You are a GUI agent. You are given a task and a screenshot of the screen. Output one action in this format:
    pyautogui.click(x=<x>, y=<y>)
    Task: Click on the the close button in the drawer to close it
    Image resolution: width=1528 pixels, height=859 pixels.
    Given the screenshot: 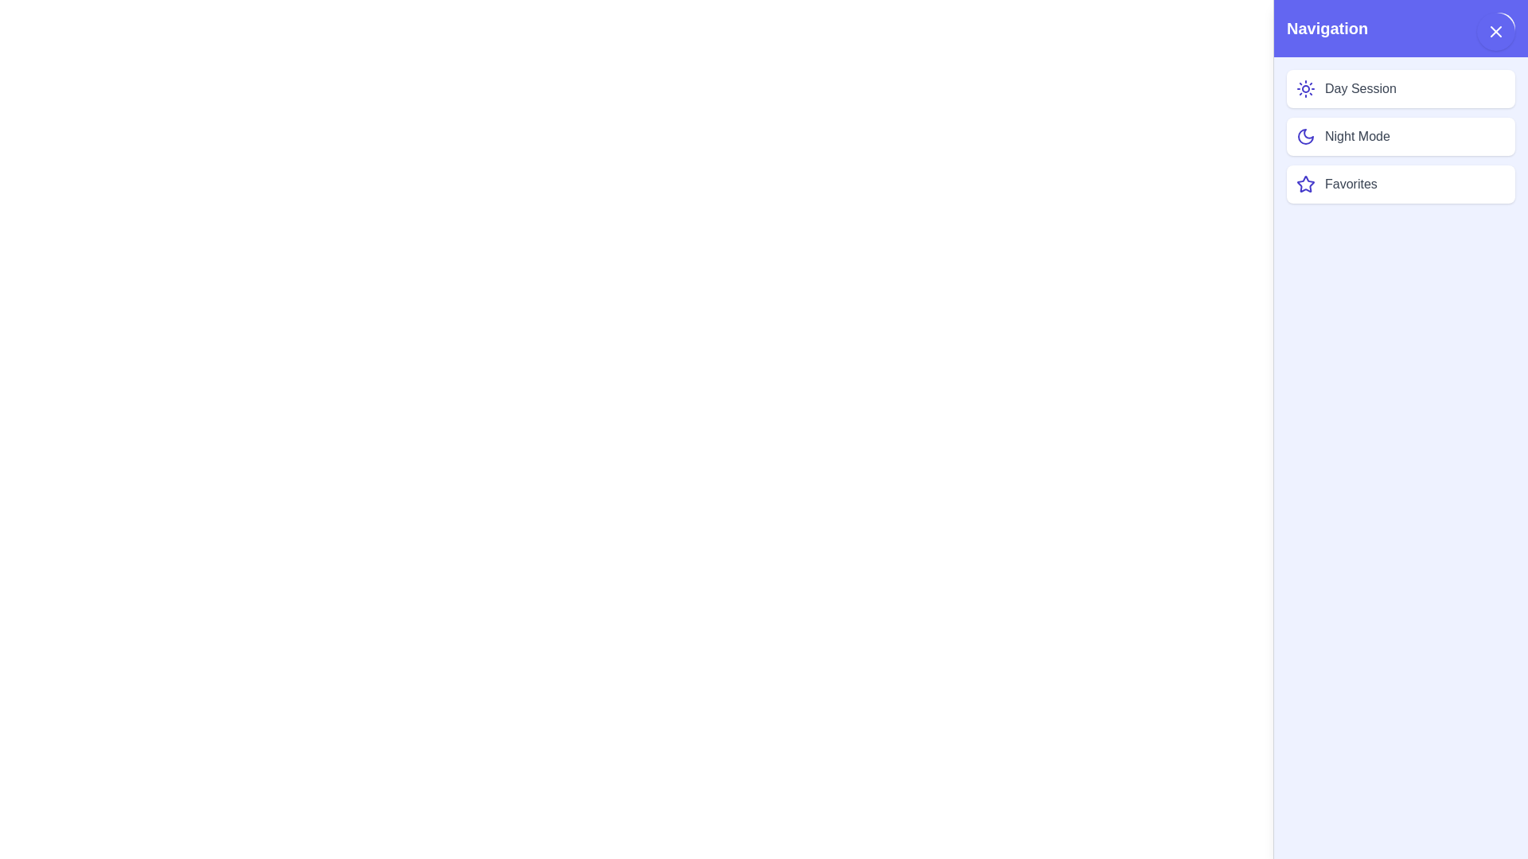 What is the action you would take?
    pyautogui.click(x=1498, y=28)
    